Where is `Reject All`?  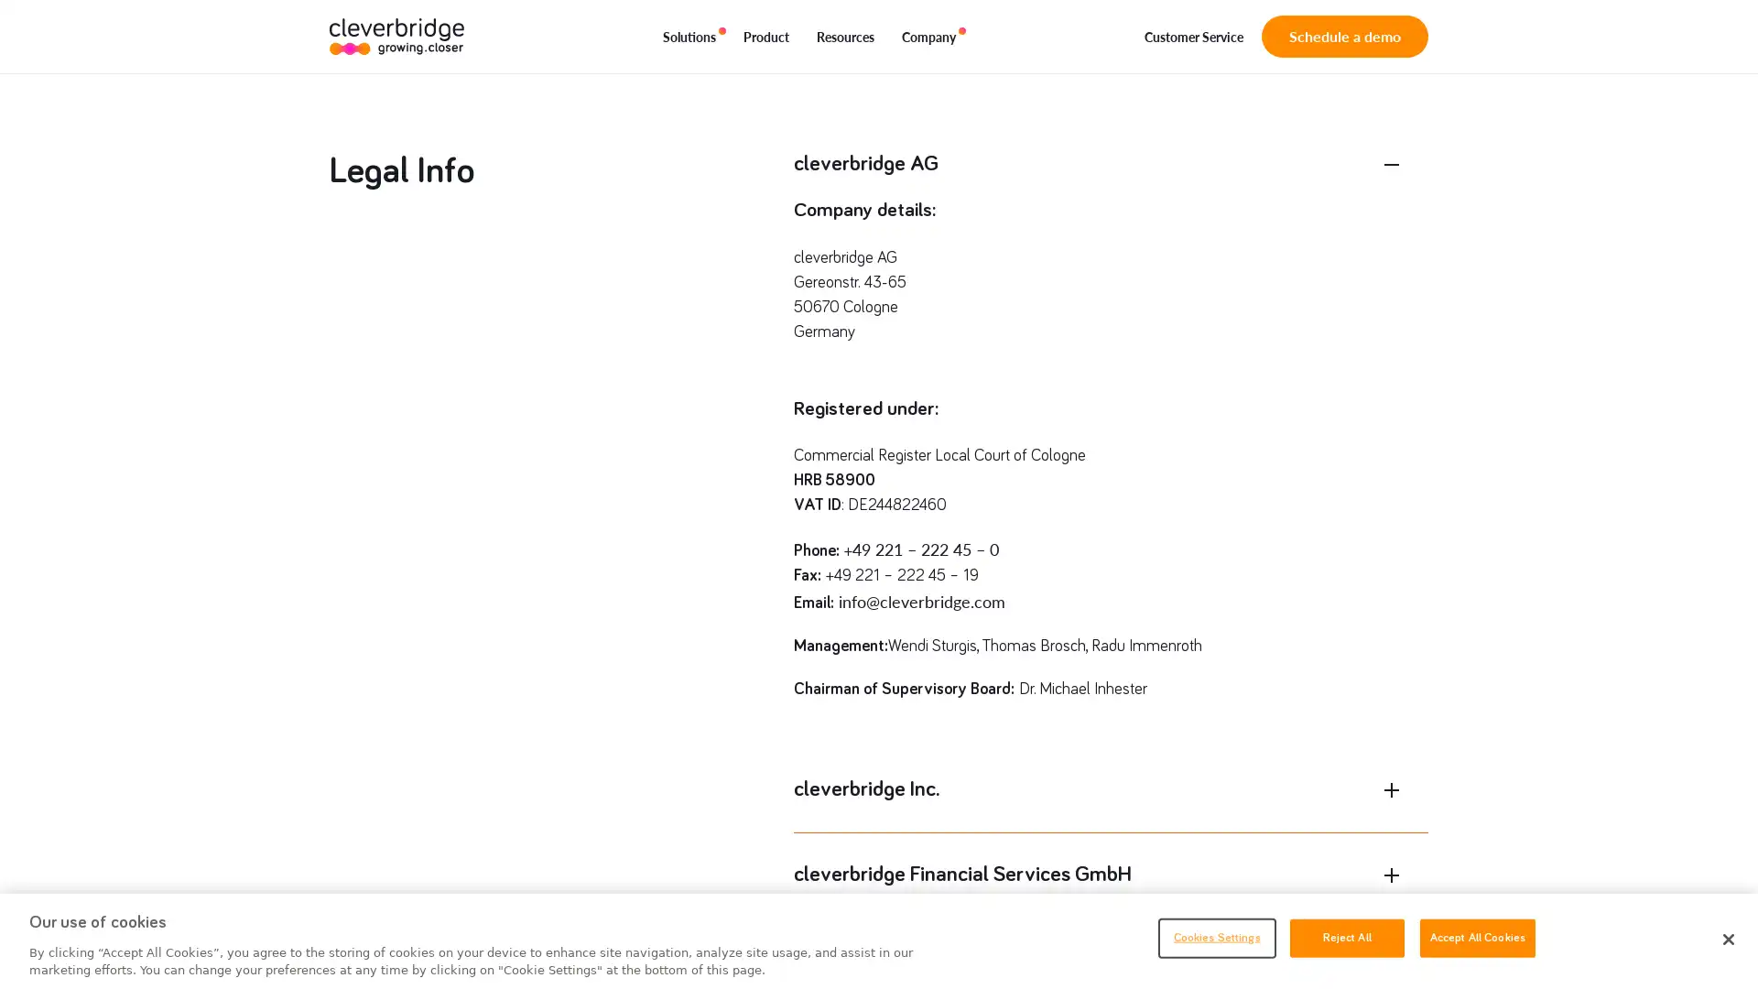 Reject All is located at coordinates (1346, 937).